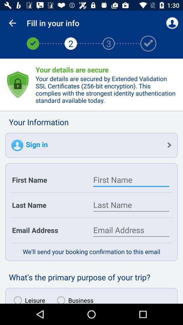 The height and width of the screenshot is (325, 183). Describe the element at coordinates (27, 298) in the screenshot. I see `icon to the left of business item` at that location.